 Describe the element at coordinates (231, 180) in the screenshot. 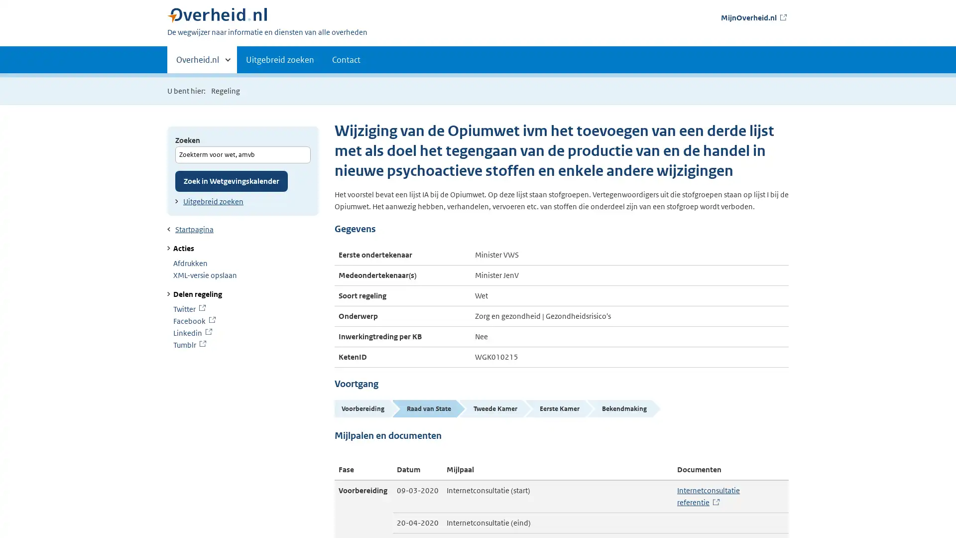

I see `Zoek in Wetgevingskalender` at that location.